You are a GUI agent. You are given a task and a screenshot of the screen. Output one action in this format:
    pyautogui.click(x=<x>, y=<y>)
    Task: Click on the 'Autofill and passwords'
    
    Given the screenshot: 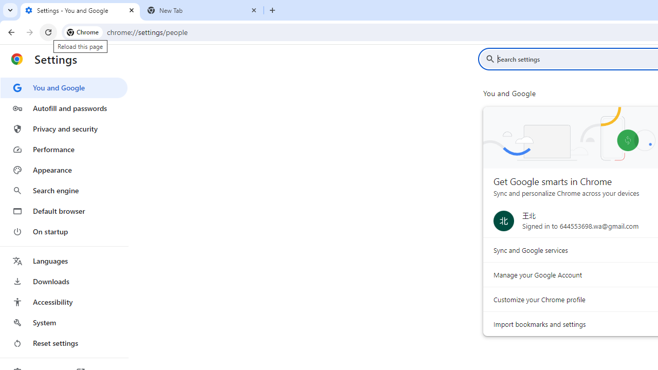 What is the action you would take?
    pyautogui.click(x=63, y=108)
    